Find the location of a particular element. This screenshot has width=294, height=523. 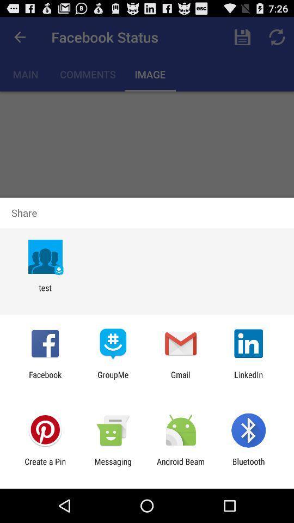

app next to the android beam is located at coordinates (248, 466).